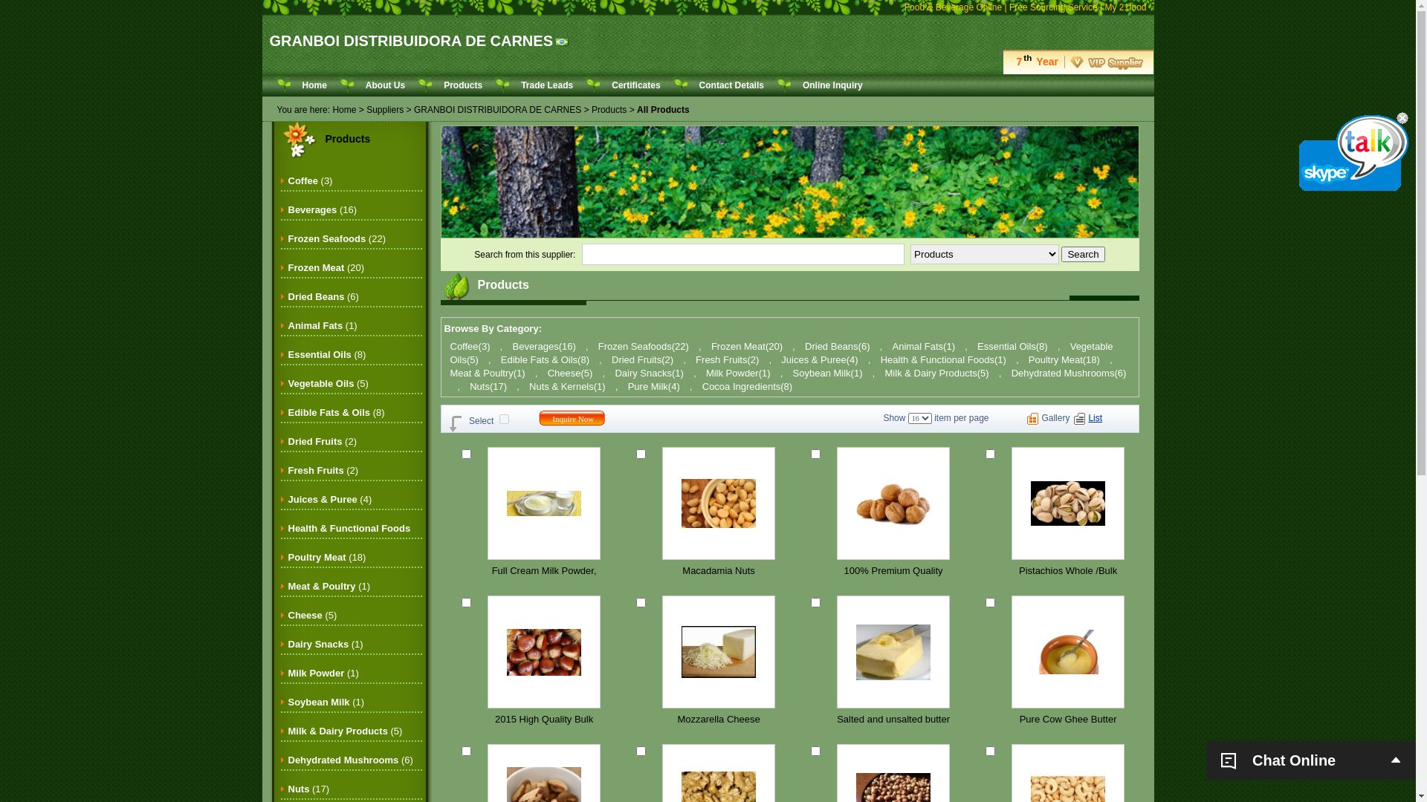 The image size is (1427, 802). I want to click on 'Meat & Poultry (1)', so click(288, 585).